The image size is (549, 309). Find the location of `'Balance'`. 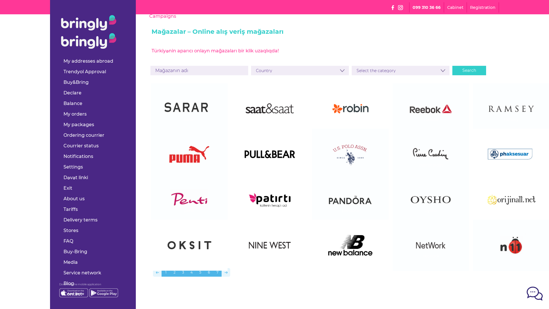

'Balance' is located at coordinates (72, 103).